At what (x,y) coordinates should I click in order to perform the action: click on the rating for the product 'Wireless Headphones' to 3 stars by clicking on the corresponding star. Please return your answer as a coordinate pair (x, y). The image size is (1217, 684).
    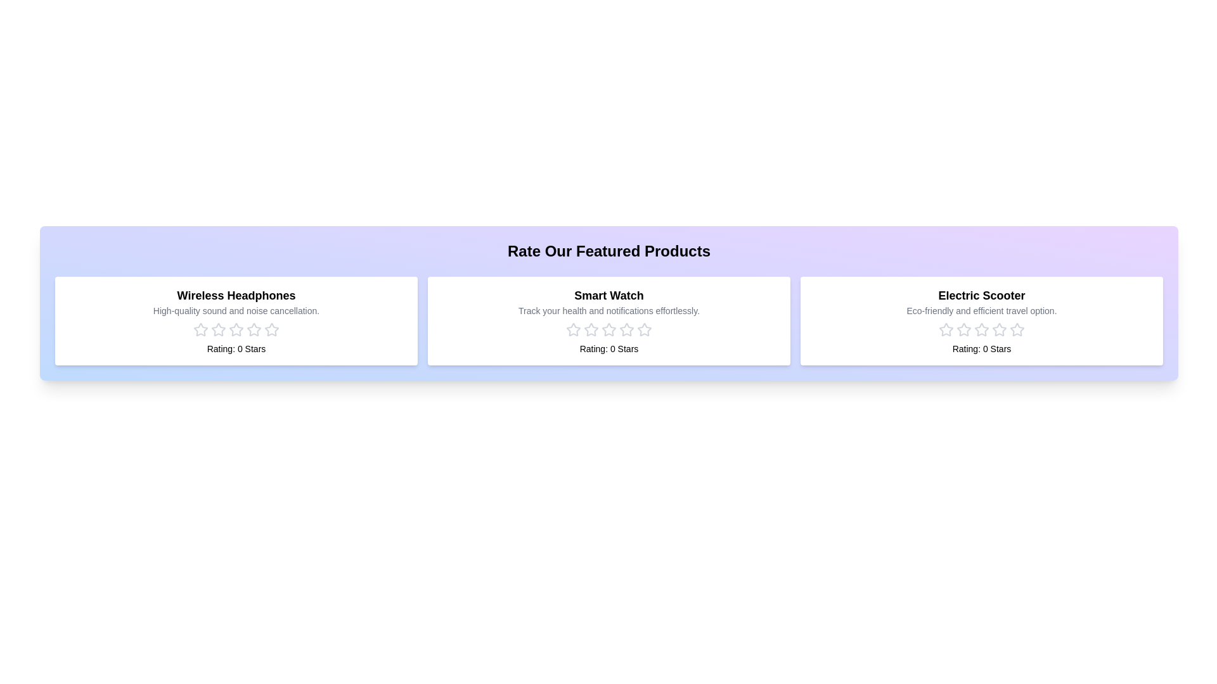
    Looking at the image, I should click on (236, 329).